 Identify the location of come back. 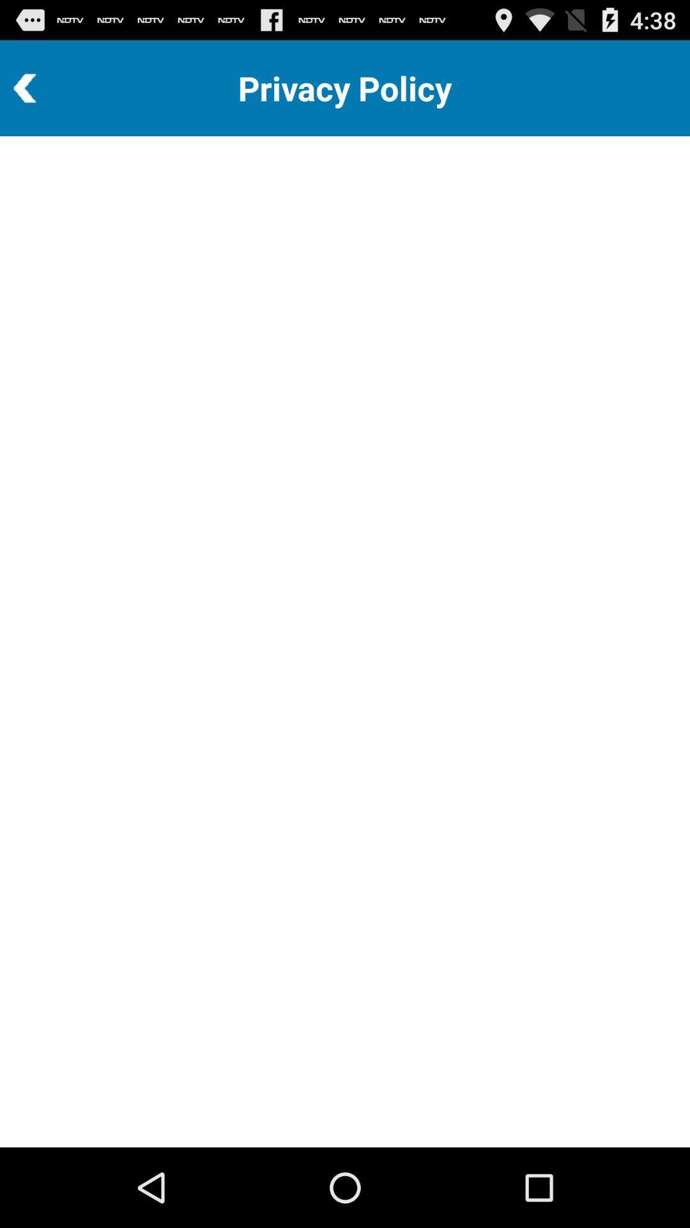
(59, 88).